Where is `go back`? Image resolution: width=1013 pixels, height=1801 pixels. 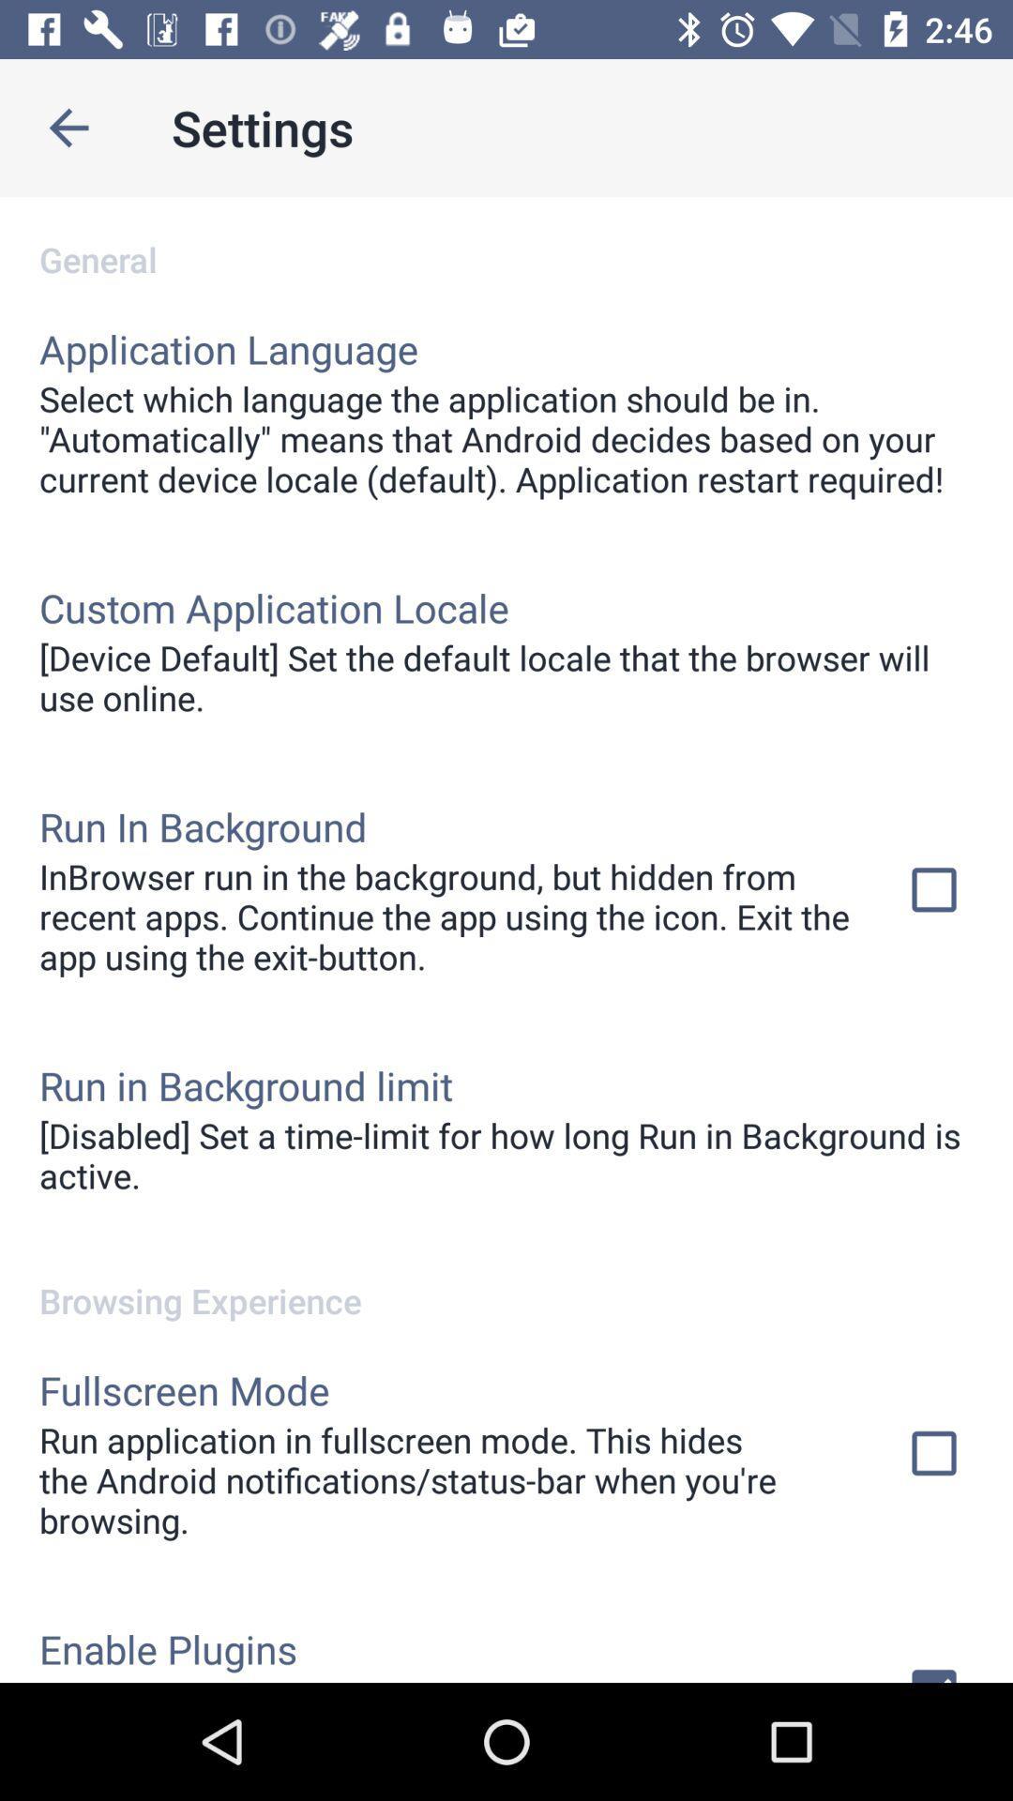
go back is located at coordinates (68, 127).